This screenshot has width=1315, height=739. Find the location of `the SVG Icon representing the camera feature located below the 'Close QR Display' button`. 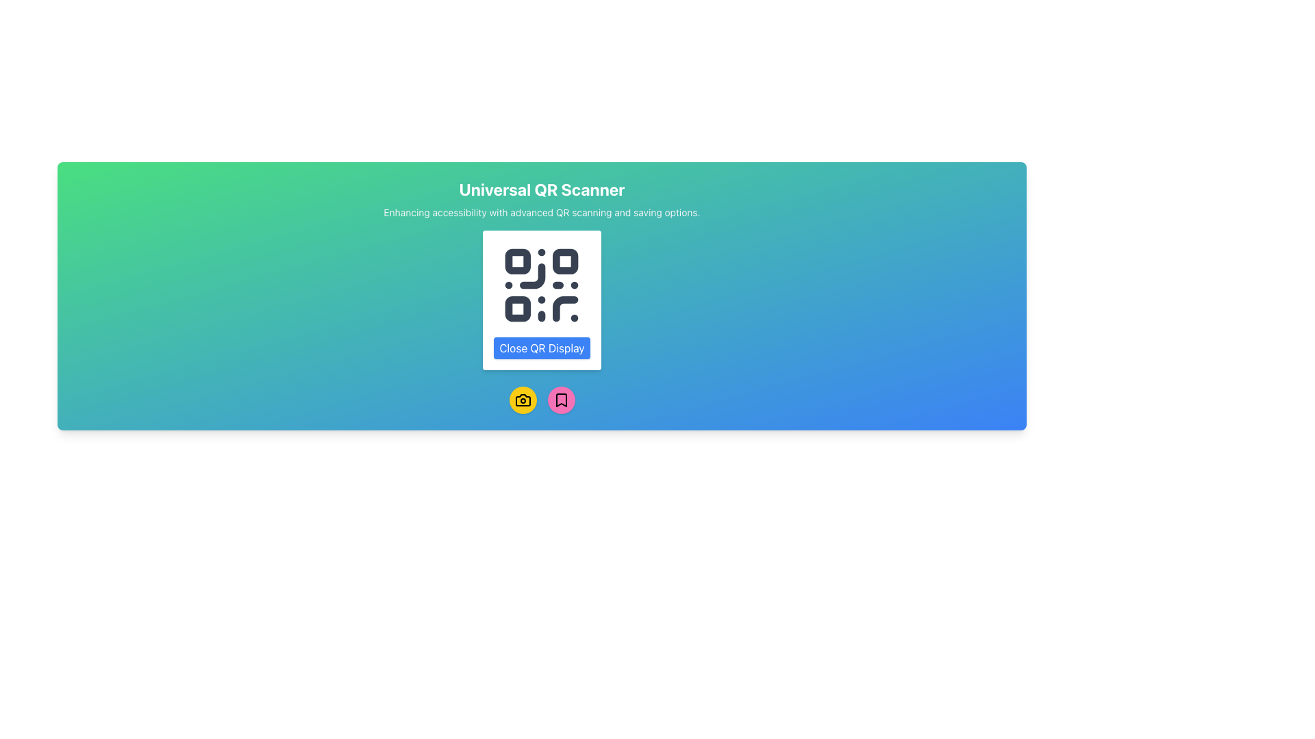

the SVG Icon representing the camera feature located below the 'Close QR Display' button is located at coordinates (522, 400).